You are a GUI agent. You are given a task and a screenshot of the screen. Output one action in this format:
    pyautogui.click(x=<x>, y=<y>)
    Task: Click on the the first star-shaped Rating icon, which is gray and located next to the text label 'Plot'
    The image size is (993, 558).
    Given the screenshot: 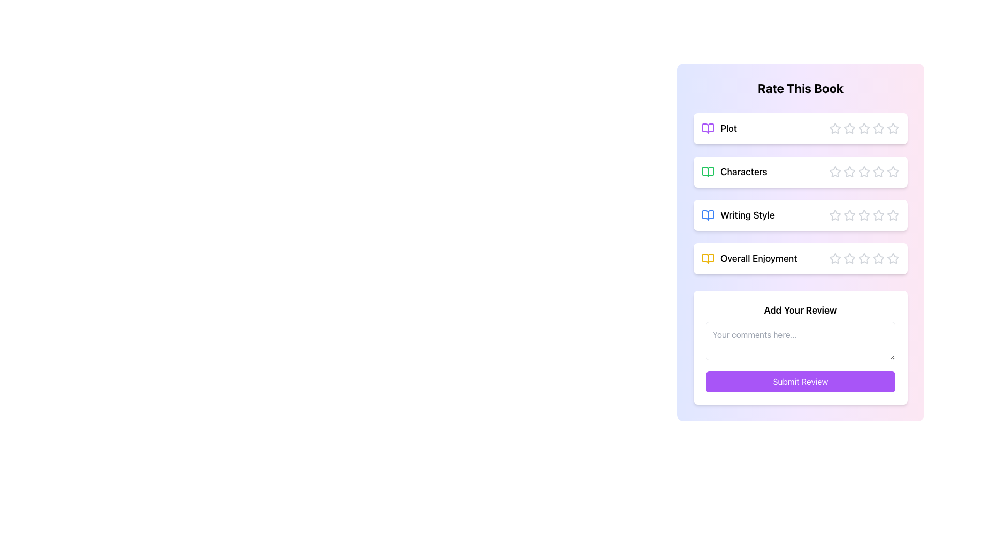 What is the action you would take?
    pyautogui.click(x=835, y=128)
    